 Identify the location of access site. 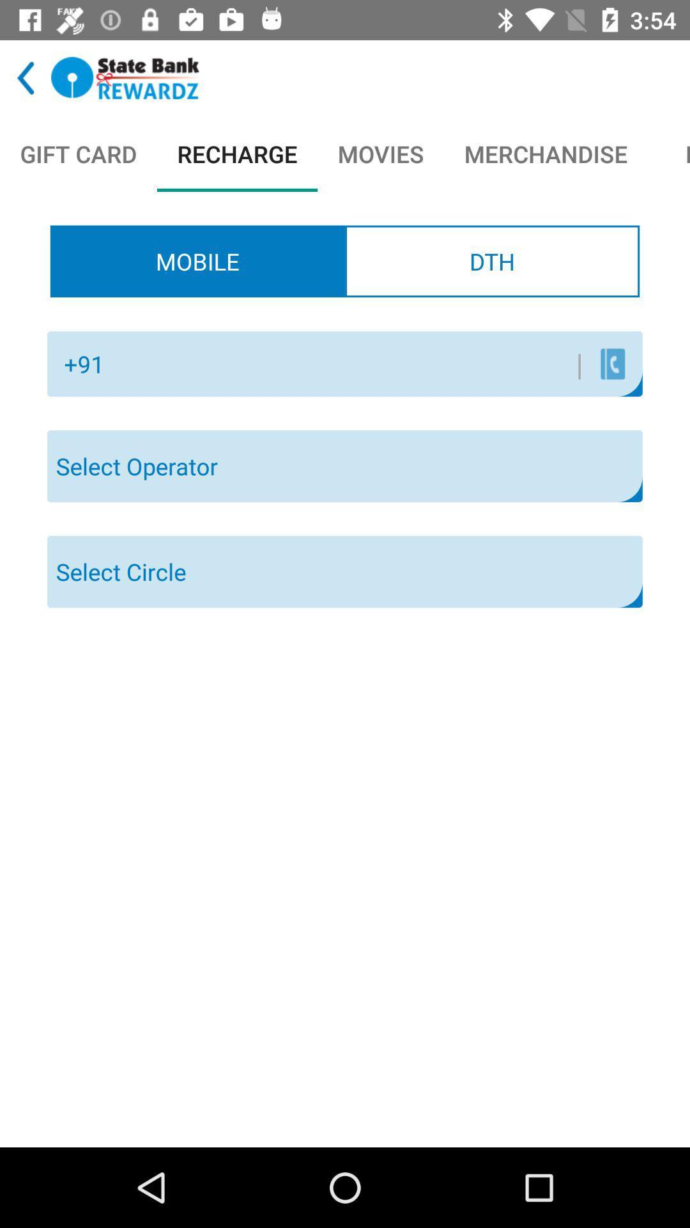
(125, 77).